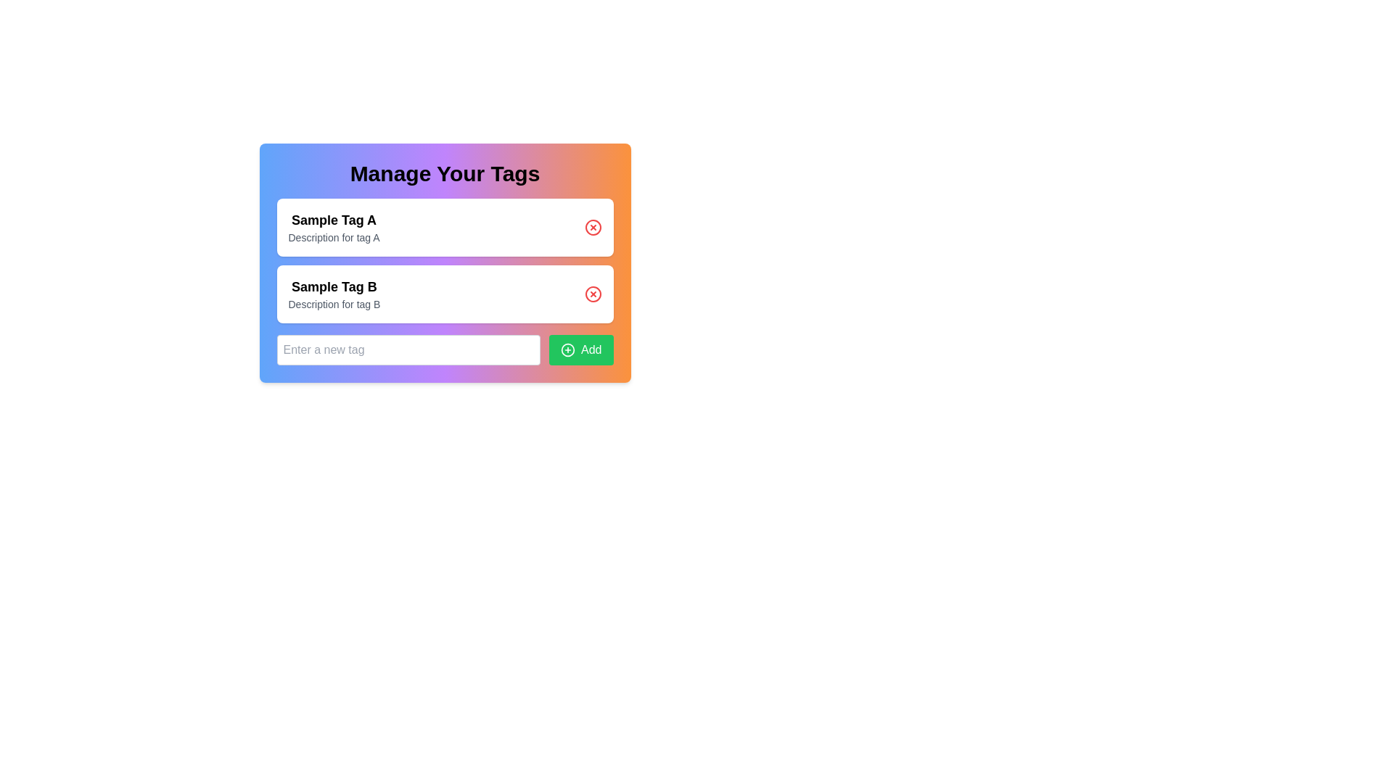 The width and height of the screenshot is (1393, 783). I want to click on the 'Add' text label within the green button, so click(591, 349).